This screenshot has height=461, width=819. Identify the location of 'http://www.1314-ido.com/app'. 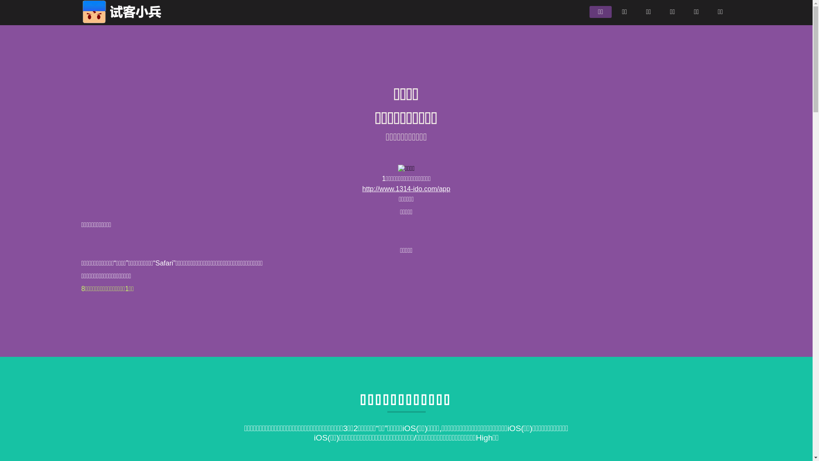
(405, 188).